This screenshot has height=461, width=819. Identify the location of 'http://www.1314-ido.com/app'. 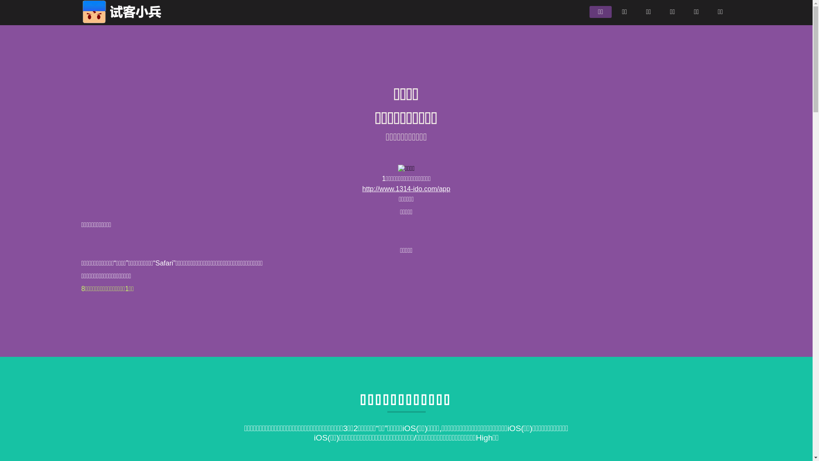
(405, 188).